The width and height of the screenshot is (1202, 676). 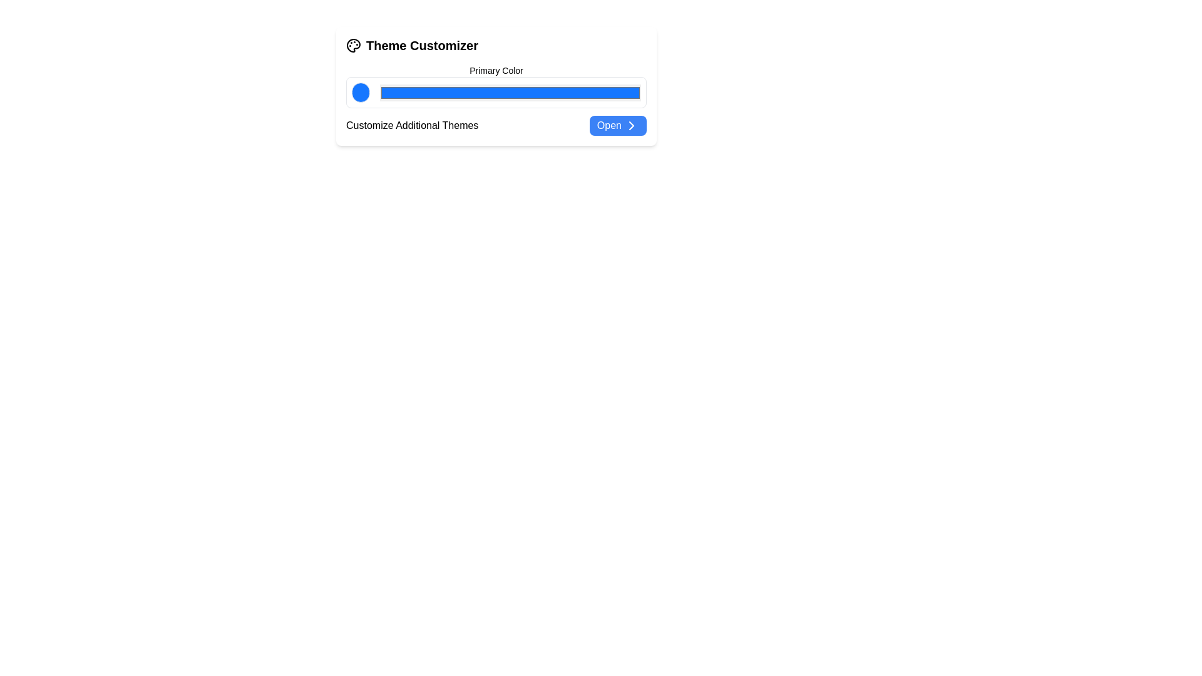 I want to click on the Color picker component, so click(x=495, y=91).